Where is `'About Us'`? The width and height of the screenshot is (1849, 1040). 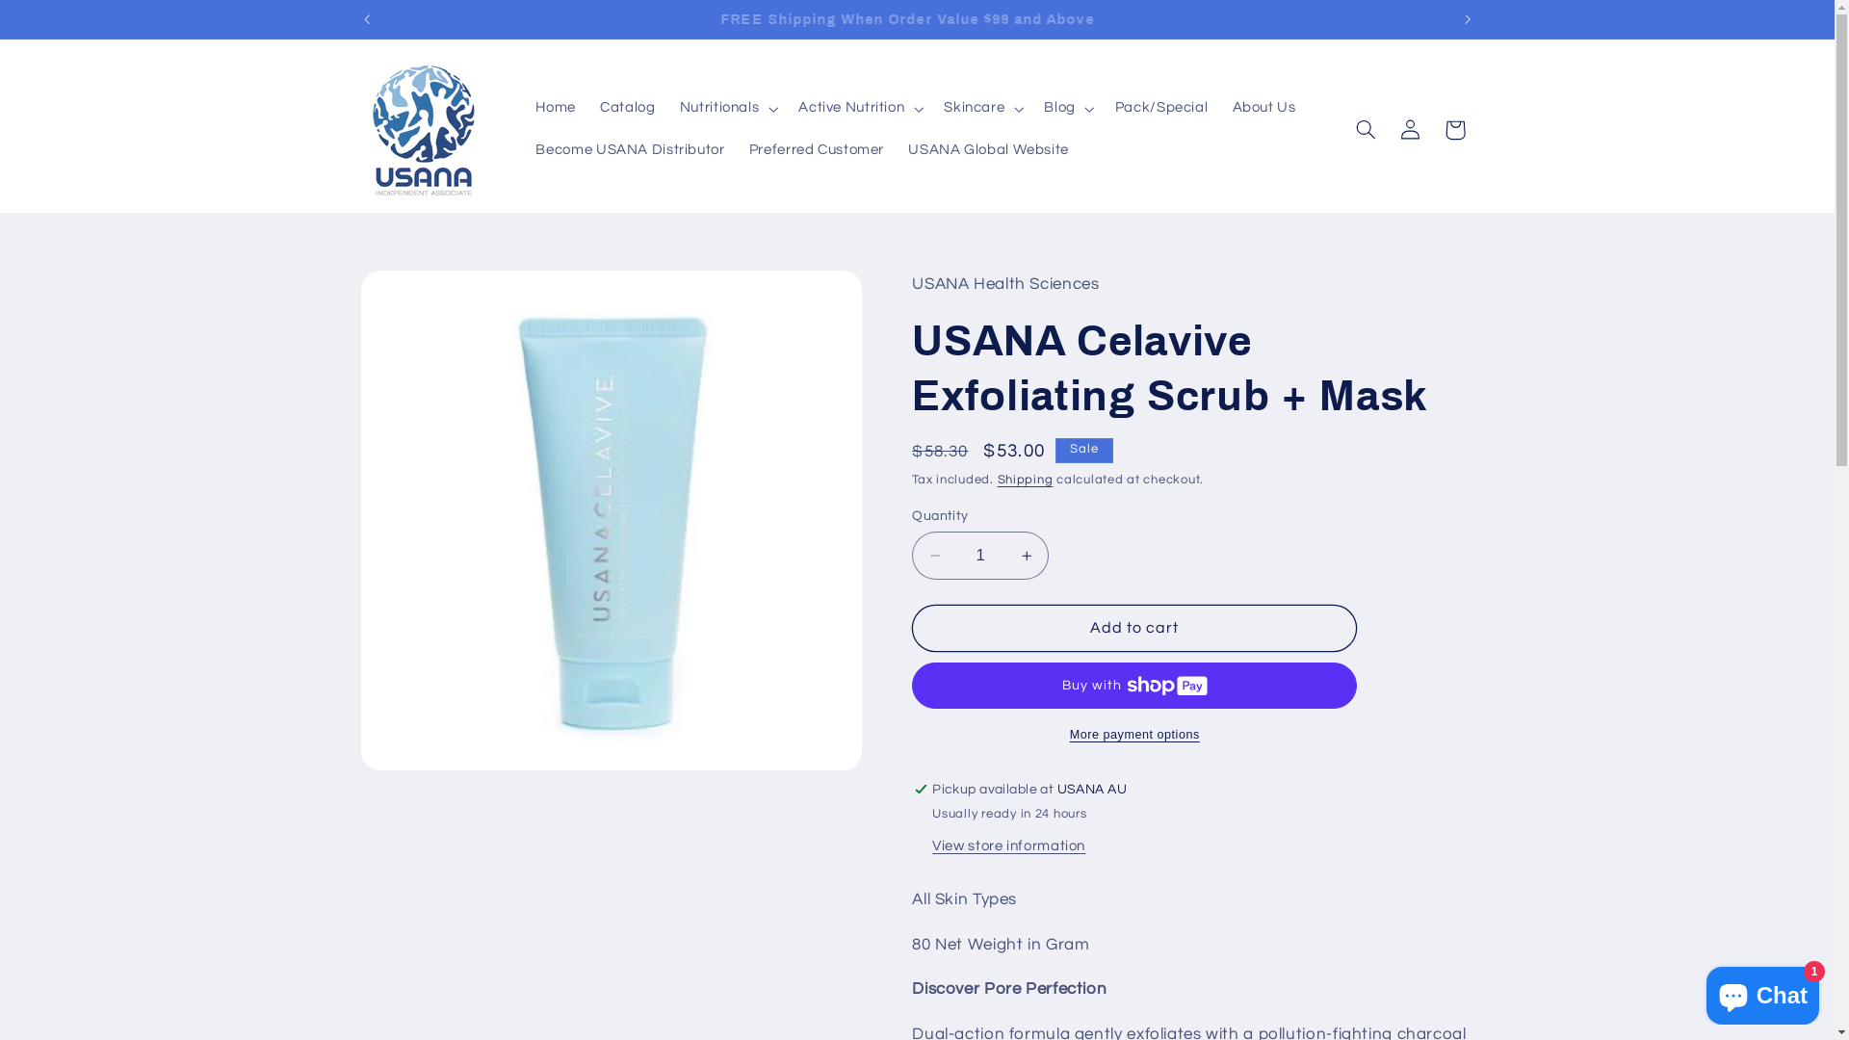
'About Us' is located at coordinates (1263, 108).